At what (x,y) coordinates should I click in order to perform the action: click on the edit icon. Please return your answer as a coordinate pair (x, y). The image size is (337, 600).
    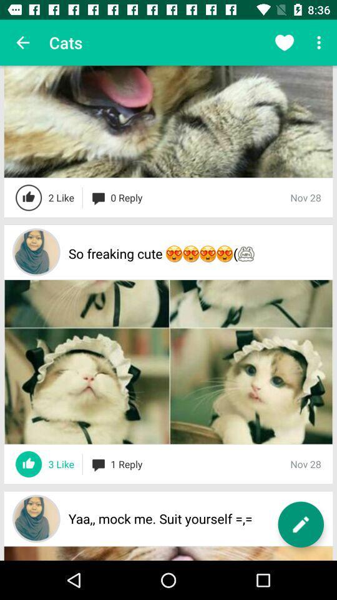
    Looking at the image, I should click on (300, 524).